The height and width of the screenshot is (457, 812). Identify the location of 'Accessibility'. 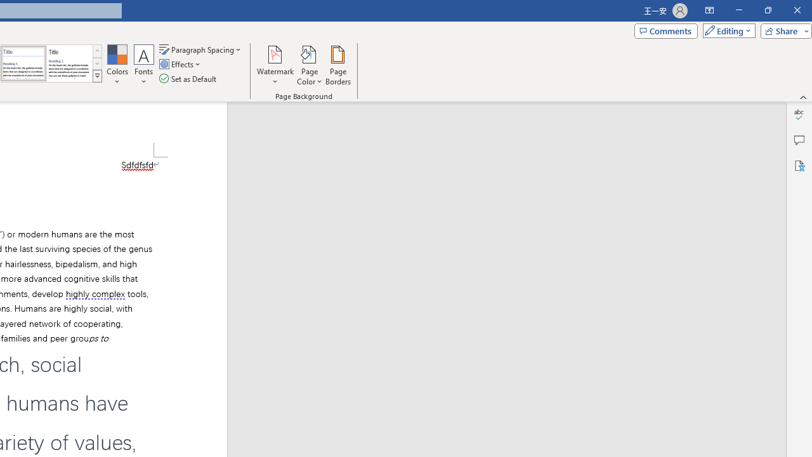
(799, 165).